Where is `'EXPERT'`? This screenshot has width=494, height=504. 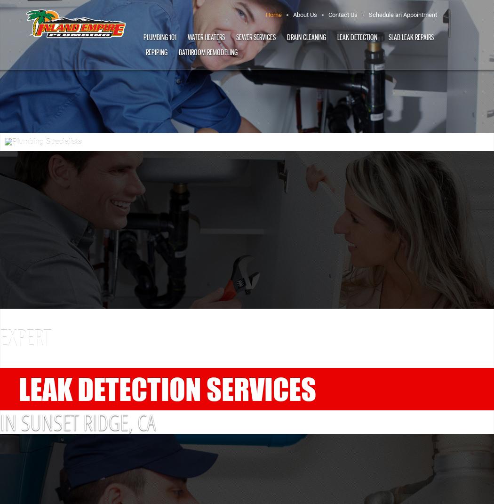
'EXPERT' is located at coordinates (25, 337).